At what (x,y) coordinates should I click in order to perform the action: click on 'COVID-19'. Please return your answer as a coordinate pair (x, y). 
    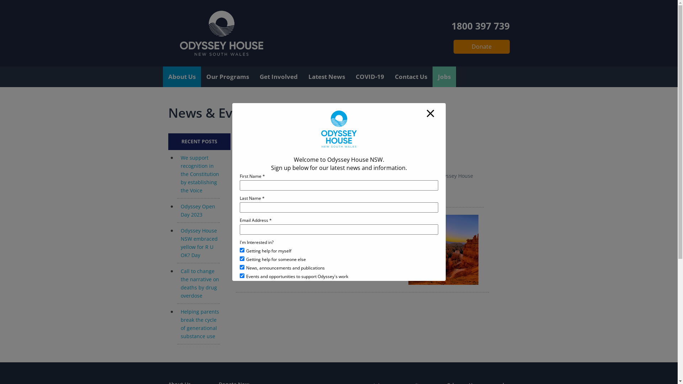
    Looking at the image, I should click on (350, 77).